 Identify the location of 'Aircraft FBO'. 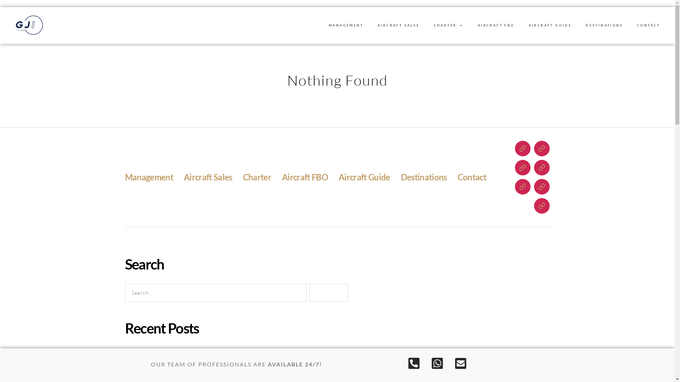
(282, 176).